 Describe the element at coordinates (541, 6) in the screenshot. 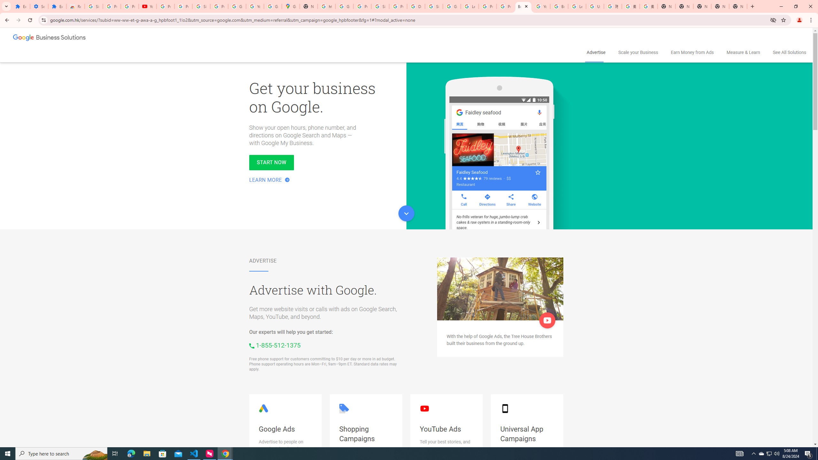

I see `'YouTube'` at that location.